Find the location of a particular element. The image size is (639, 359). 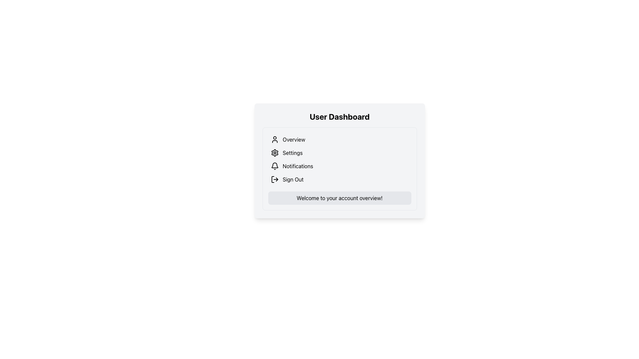

the 'Settings' icon located as the second icon in a vertical list of four icons on the left side of the user dashboard is located at coordinates (275, 153).